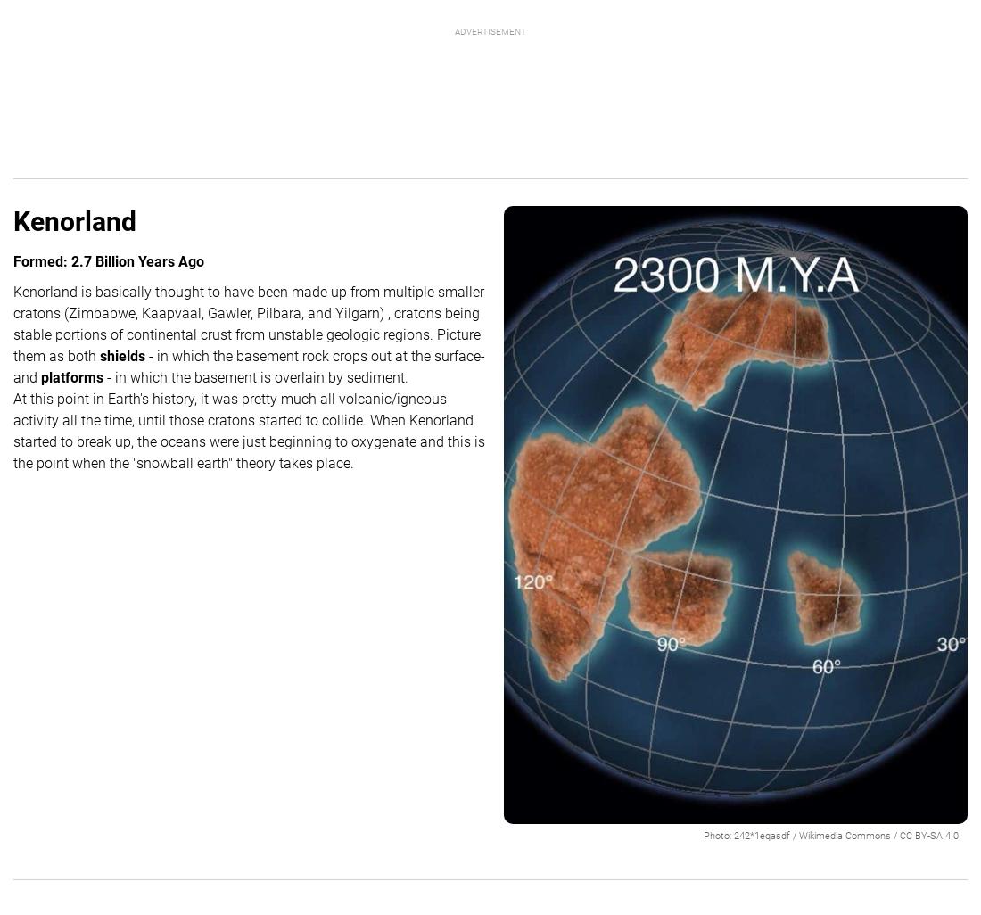 The width and height of the screenshot is (981, 915). What do you see at coordinates (761, 835) in the screenshot?
I see `'242*1eqasdf'` at bounding box center [761, 835].